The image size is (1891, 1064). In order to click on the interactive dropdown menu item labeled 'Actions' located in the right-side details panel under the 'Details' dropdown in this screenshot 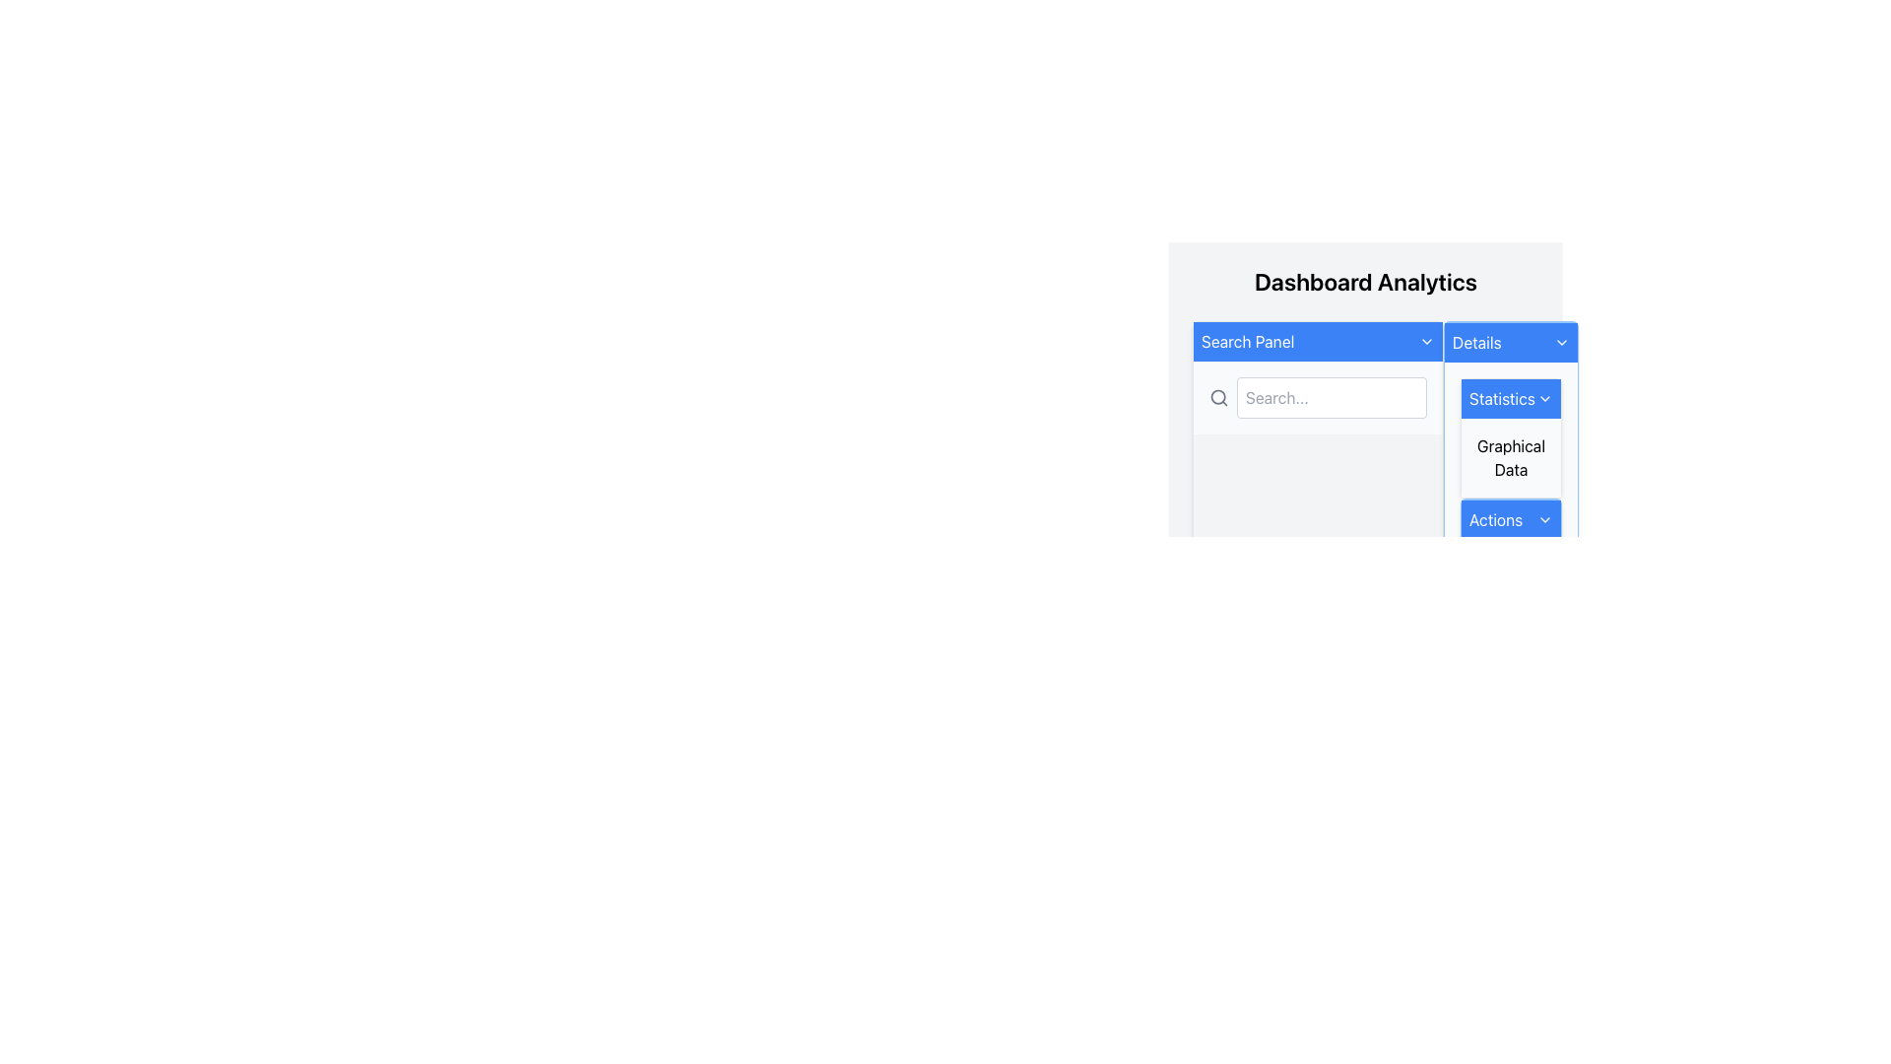, I will do `click(1510, 520)`.